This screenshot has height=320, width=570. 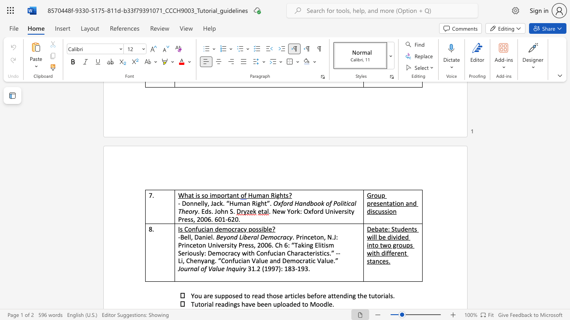 I want to click on the subset text "ght" within the text "Human Rights?", so click(x=276, y=195).